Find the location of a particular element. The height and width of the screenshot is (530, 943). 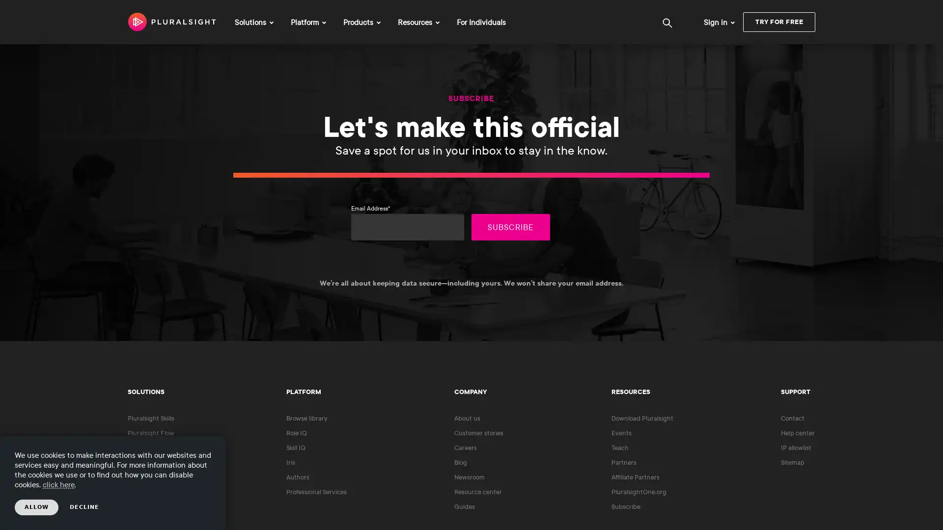

DECLINE is located at coordinates (84, 507).